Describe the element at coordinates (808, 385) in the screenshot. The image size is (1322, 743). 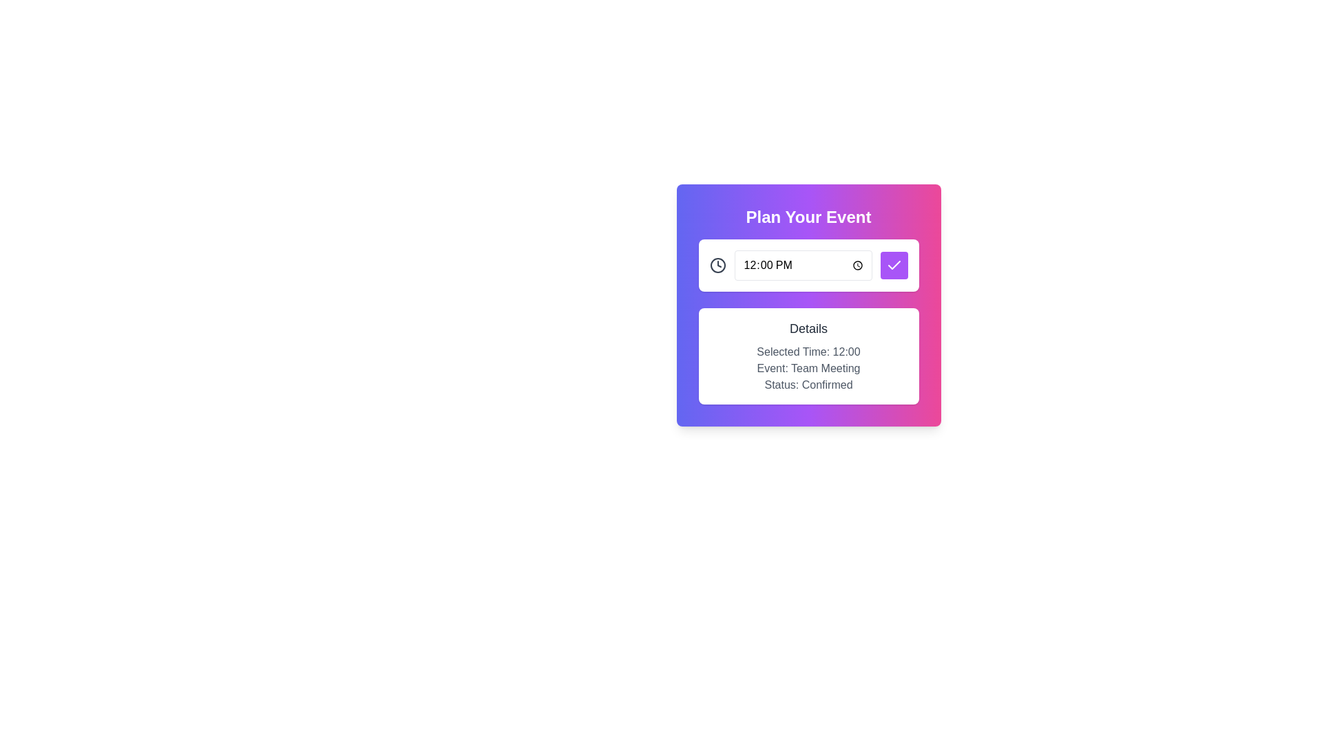
I see `the text label displaying 'Status: Confirmed', which is located within the 'Details' section, positioned below 'Event: Team Meeting'` at that location.